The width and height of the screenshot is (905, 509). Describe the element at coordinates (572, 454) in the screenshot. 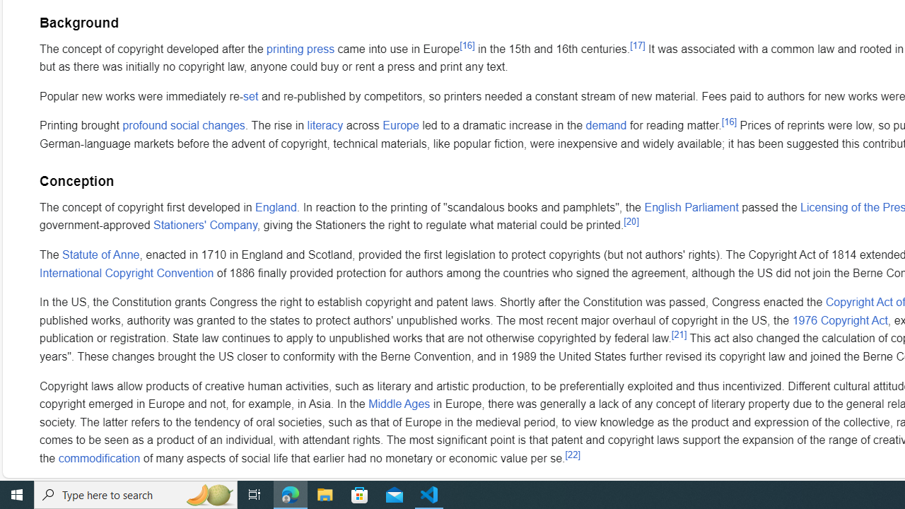

I see `'[22]'` at that location.